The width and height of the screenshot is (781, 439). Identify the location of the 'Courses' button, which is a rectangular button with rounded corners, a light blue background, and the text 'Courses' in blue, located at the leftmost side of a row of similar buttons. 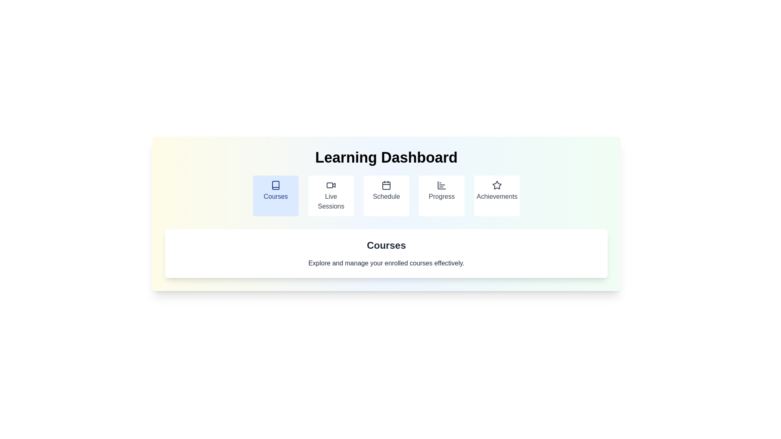
(275, 196).